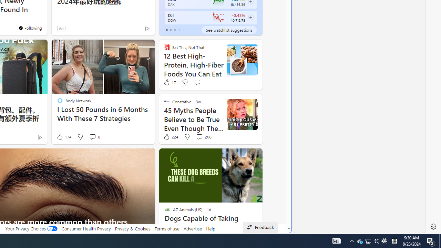 This screenshot has height=248, width=441. What do you see at coordinates (210, 228) in the screenshot?
I see `'Help'` at bounding box center [210, 228].